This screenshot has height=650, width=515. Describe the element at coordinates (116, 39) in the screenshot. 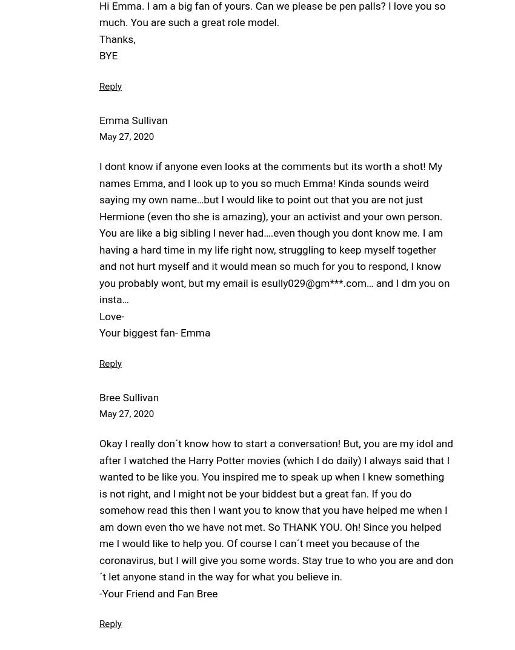

I see `'Thanks,'` at that location.